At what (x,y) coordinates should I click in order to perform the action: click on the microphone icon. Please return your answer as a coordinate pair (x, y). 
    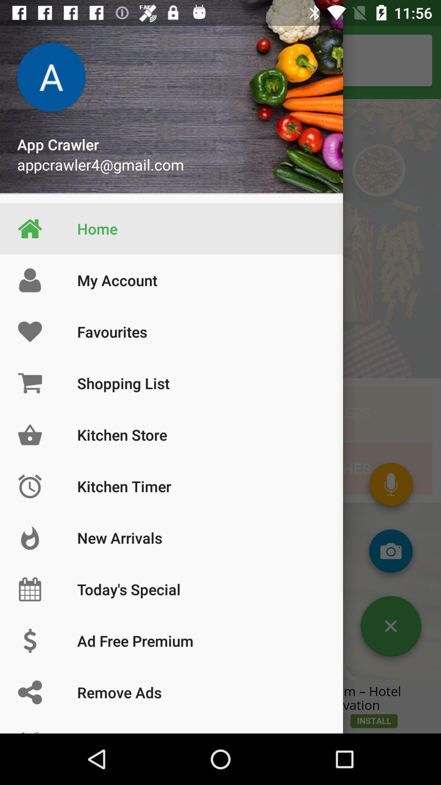
    Looking at the image, I should click on (390, 487).